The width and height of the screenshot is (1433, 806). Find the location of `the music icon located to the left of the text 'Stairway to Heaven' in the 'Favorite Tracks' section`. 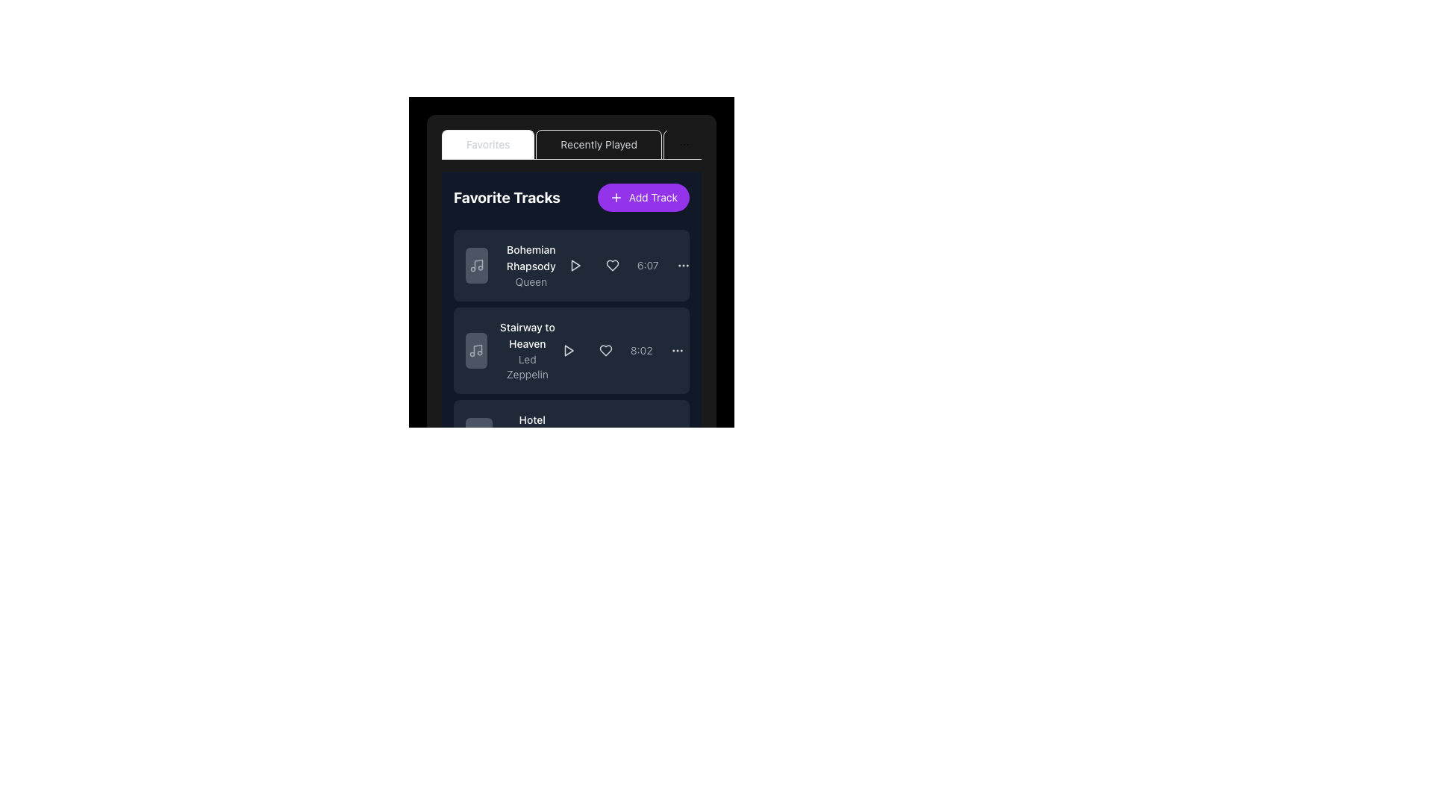

the music icon located to the left of the text 'Stairway to Heaven' in the 'Favorite Tracks' section is located at coordinates (475, 351).